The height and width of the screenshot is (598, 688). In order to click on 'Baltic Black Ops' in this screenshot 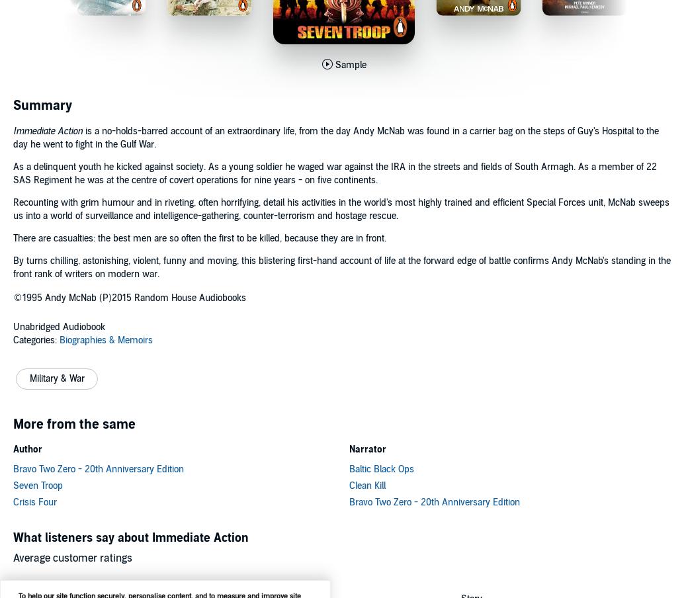, I will do `click(349, 468)`.